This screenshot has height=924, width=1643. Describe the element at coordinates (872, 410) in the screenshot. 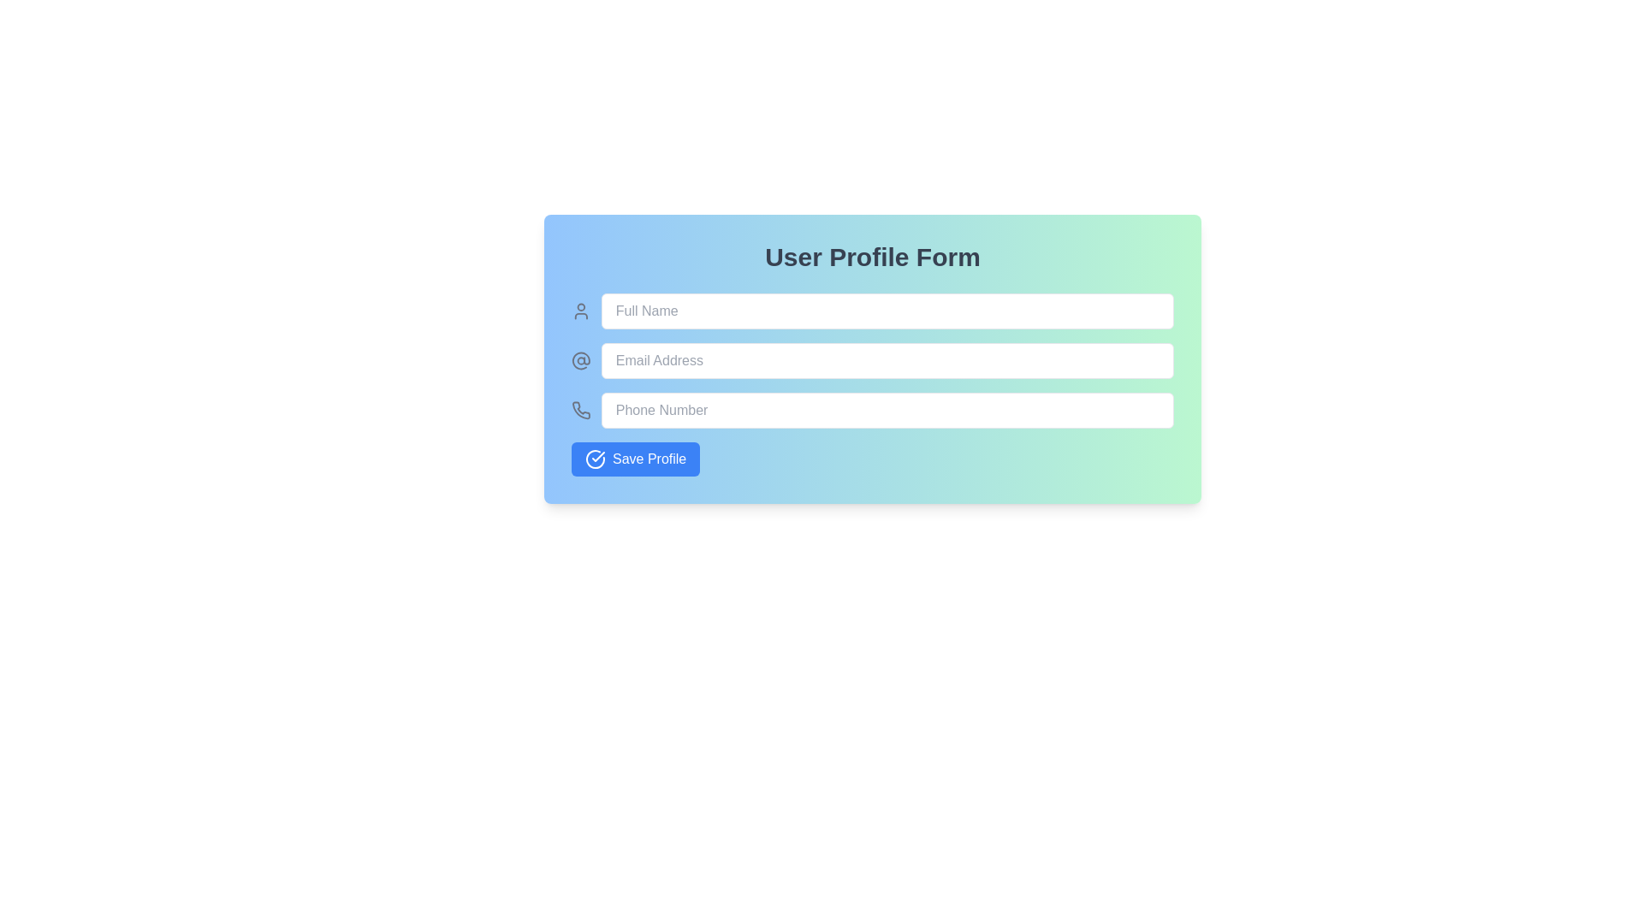

I see `the phone number input field located below the Full Name and Email Address fields in the user profile form to focus on it` at that location.